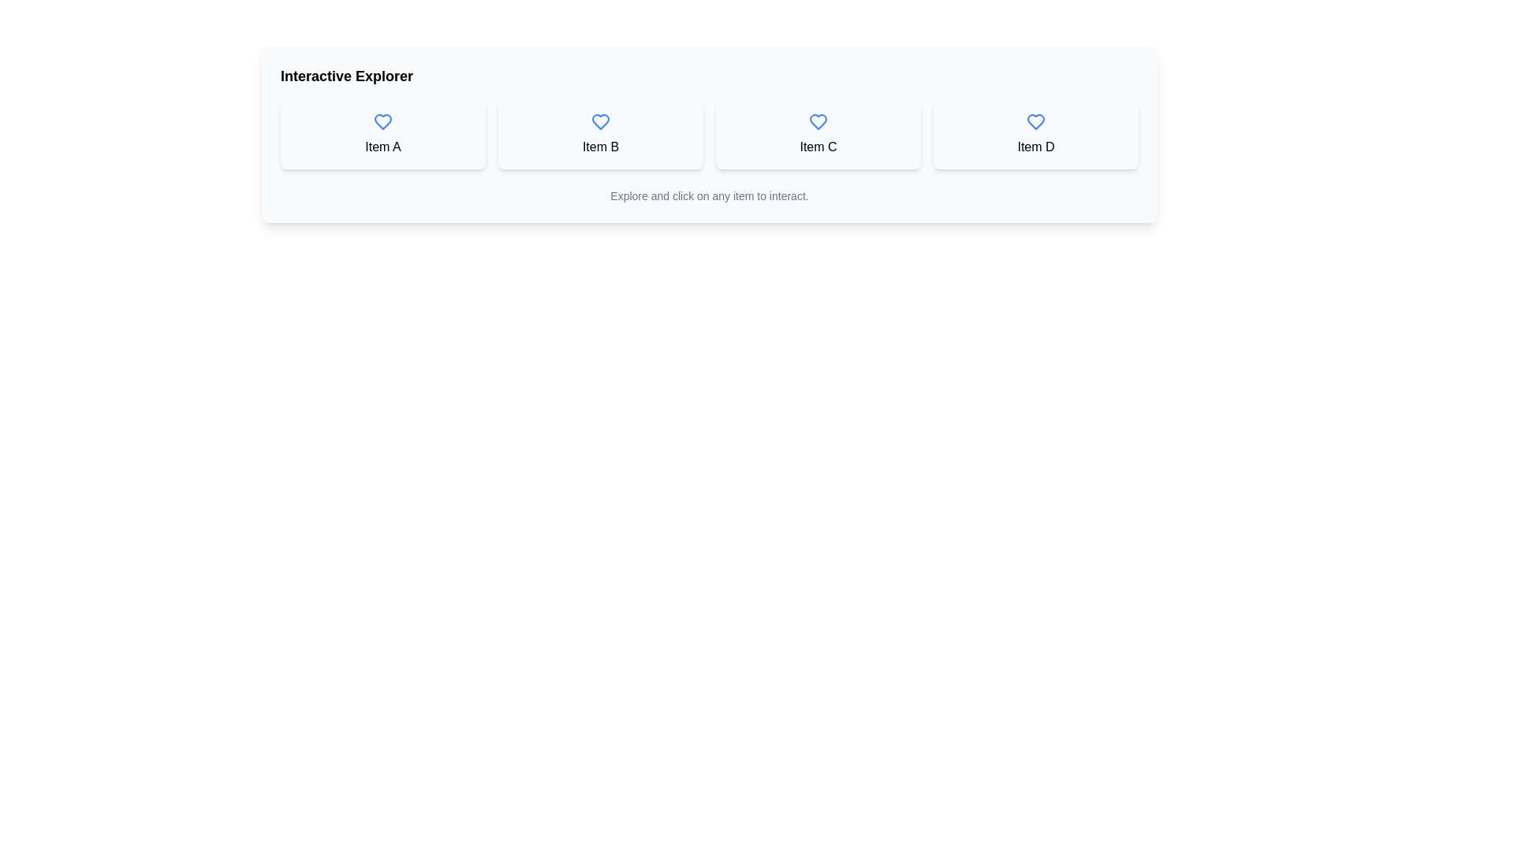  I want to click on the interactive card or button for 'Item B', which is the second card in a row of four, positioned centrally between 'Item A' and 'Item C', to interact with its functionality, so click(600, 133).